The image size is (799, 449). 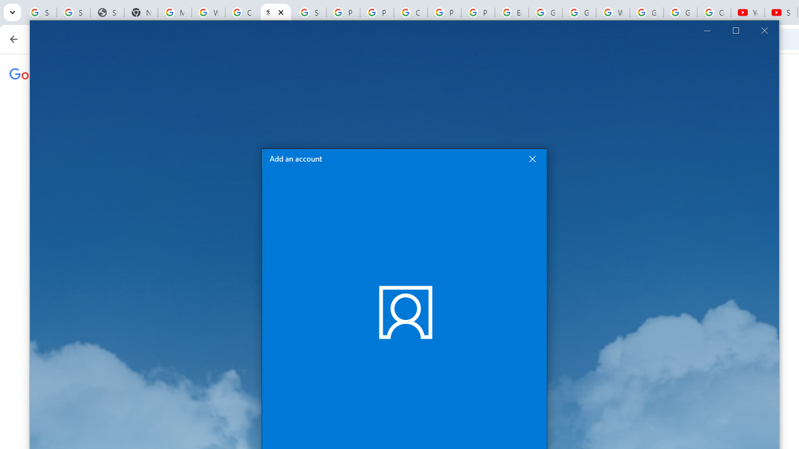 What do you see at coordinates (735, 29) in the screenshot?
I see `'Maximize Mail'` at bounding box center [735, 29].